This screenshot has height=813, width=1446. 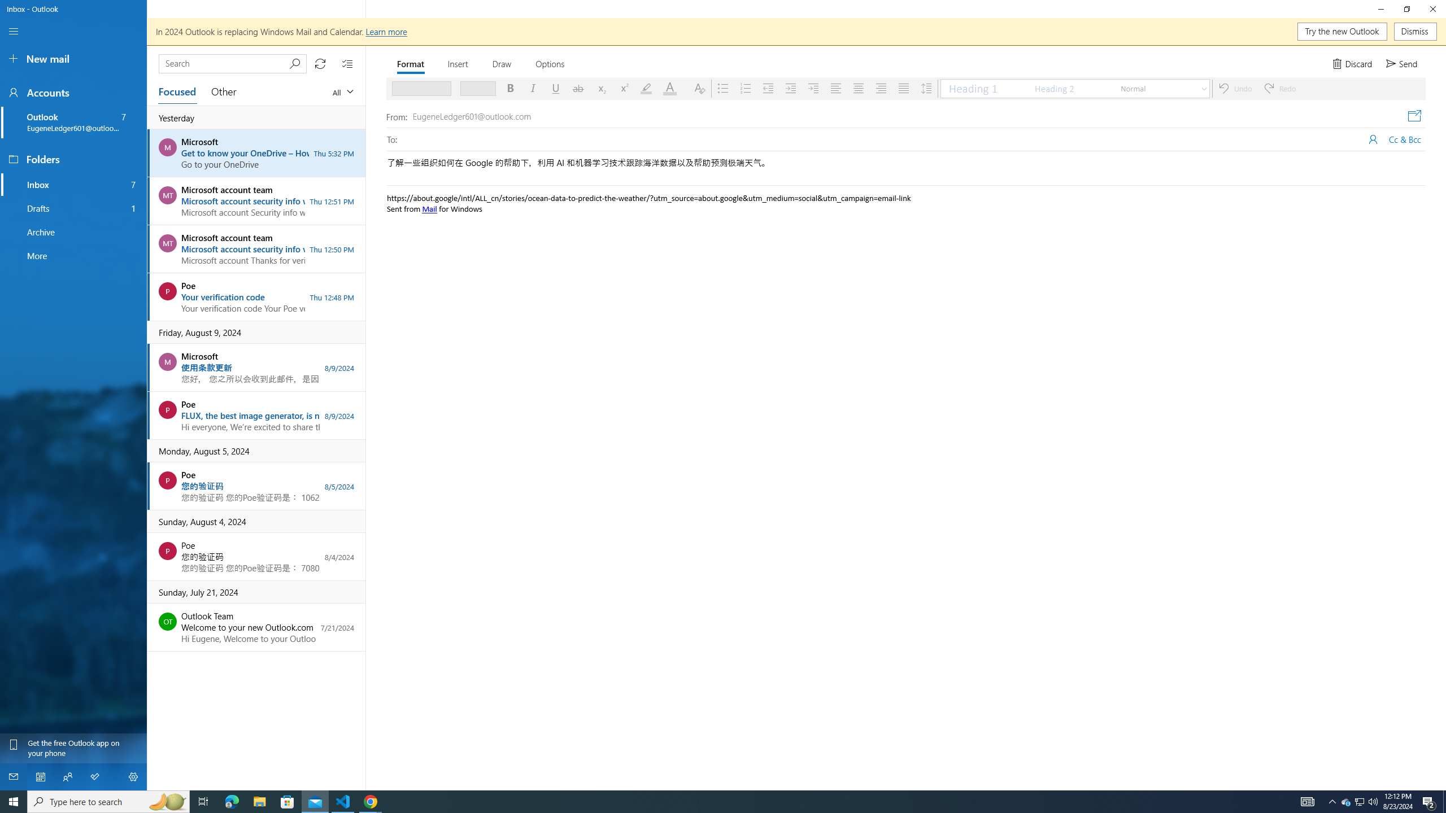 I want to click on 'Filter, All', so click(x=342, y=91).